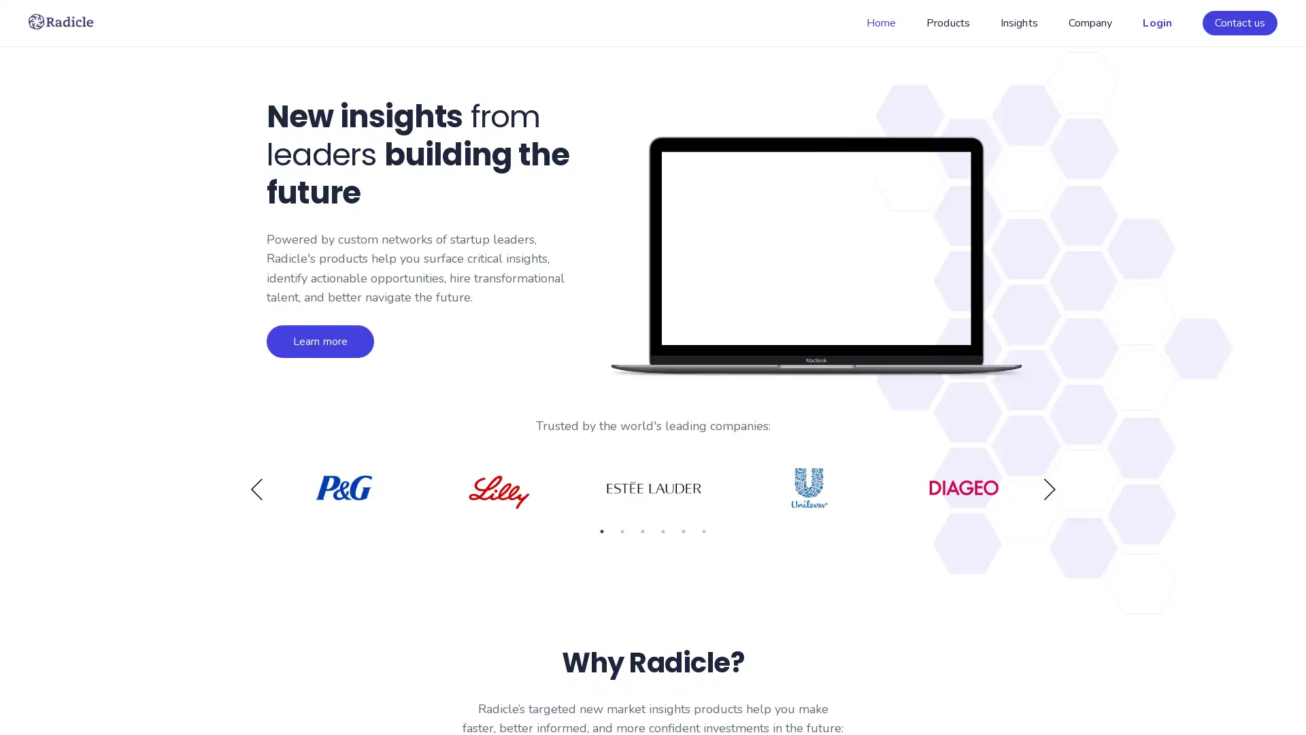  What do you see at coordinates (1048, 491) in the screenshot?
I see `next` at bounding box center [1048, 491].